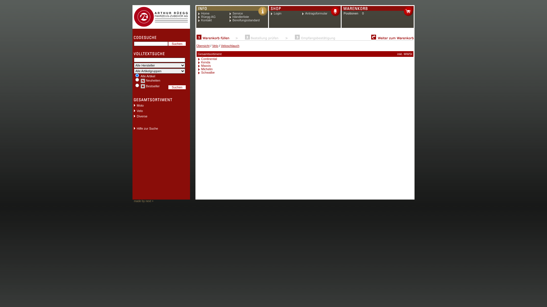 The width and height of the screenshot is (547, 307). Describe the element at coordinates (132, 200) in the screenshot. I see `'made by next >'` at that location.